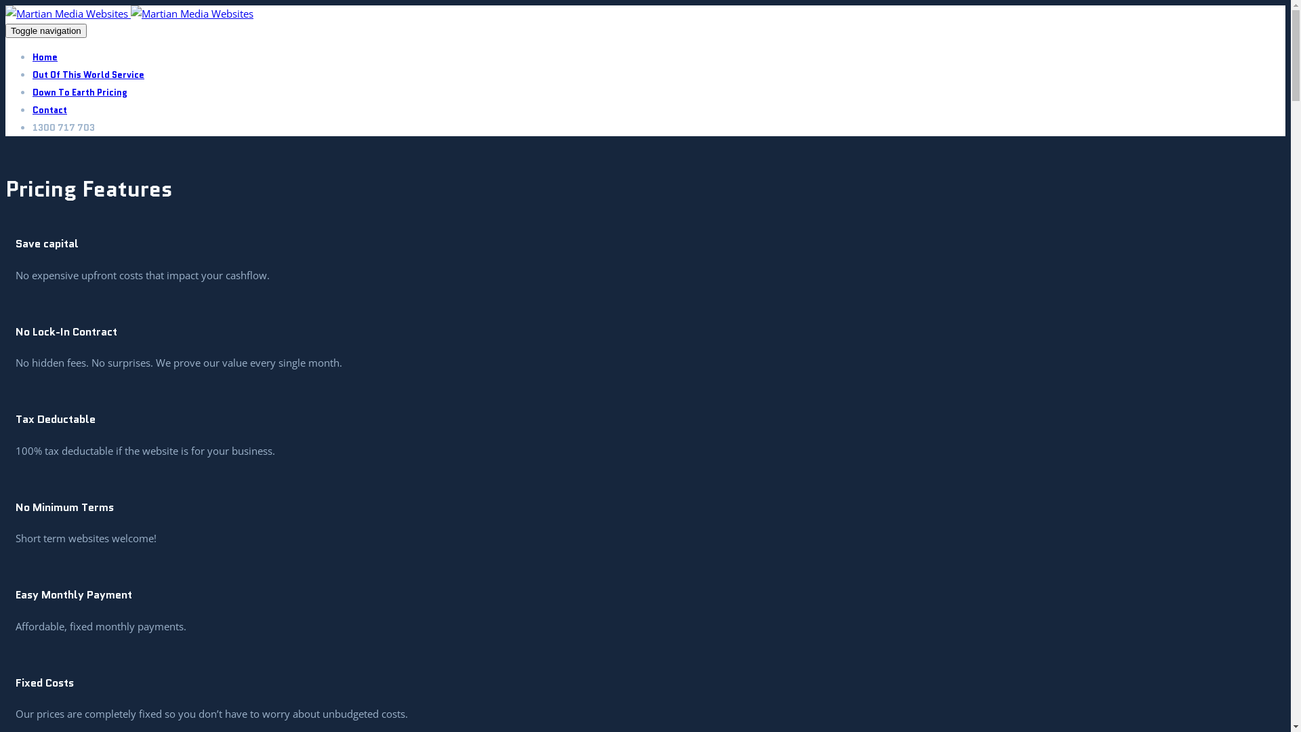  What do you see at coordinates (45, 30) in the screenshot?
I see `'Toggle navigation'` at bounding box center [45, 30].